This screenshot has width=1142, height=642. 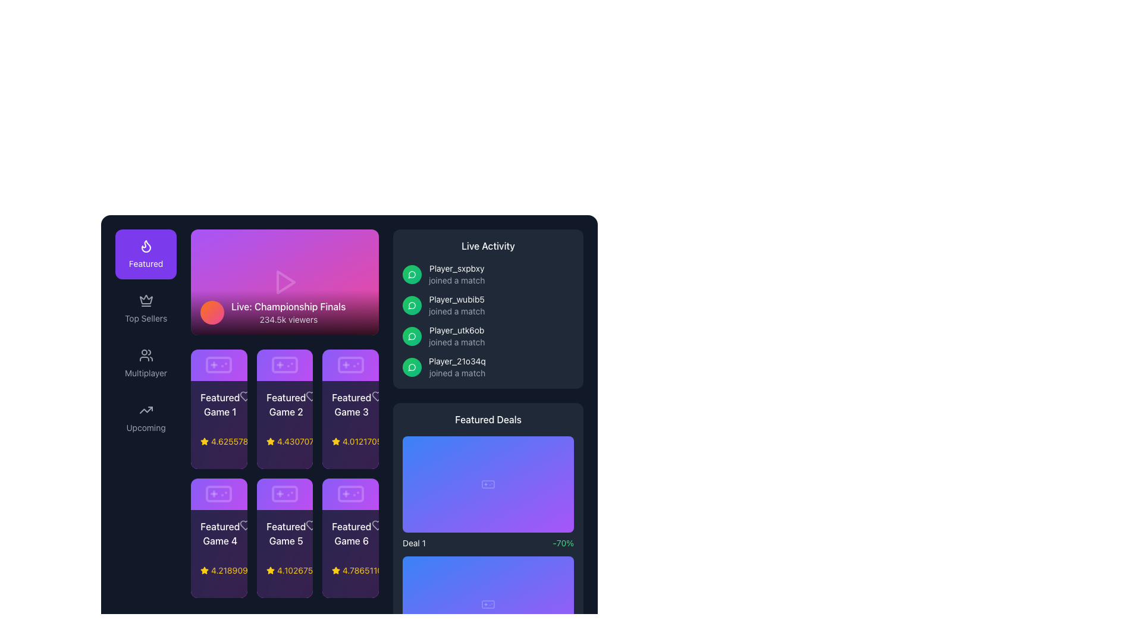 I want to click on text of the 'Upcoming' label located at the bottom of the sidebar menu, which is styled with a small gray font, so click(x=145, y=428).